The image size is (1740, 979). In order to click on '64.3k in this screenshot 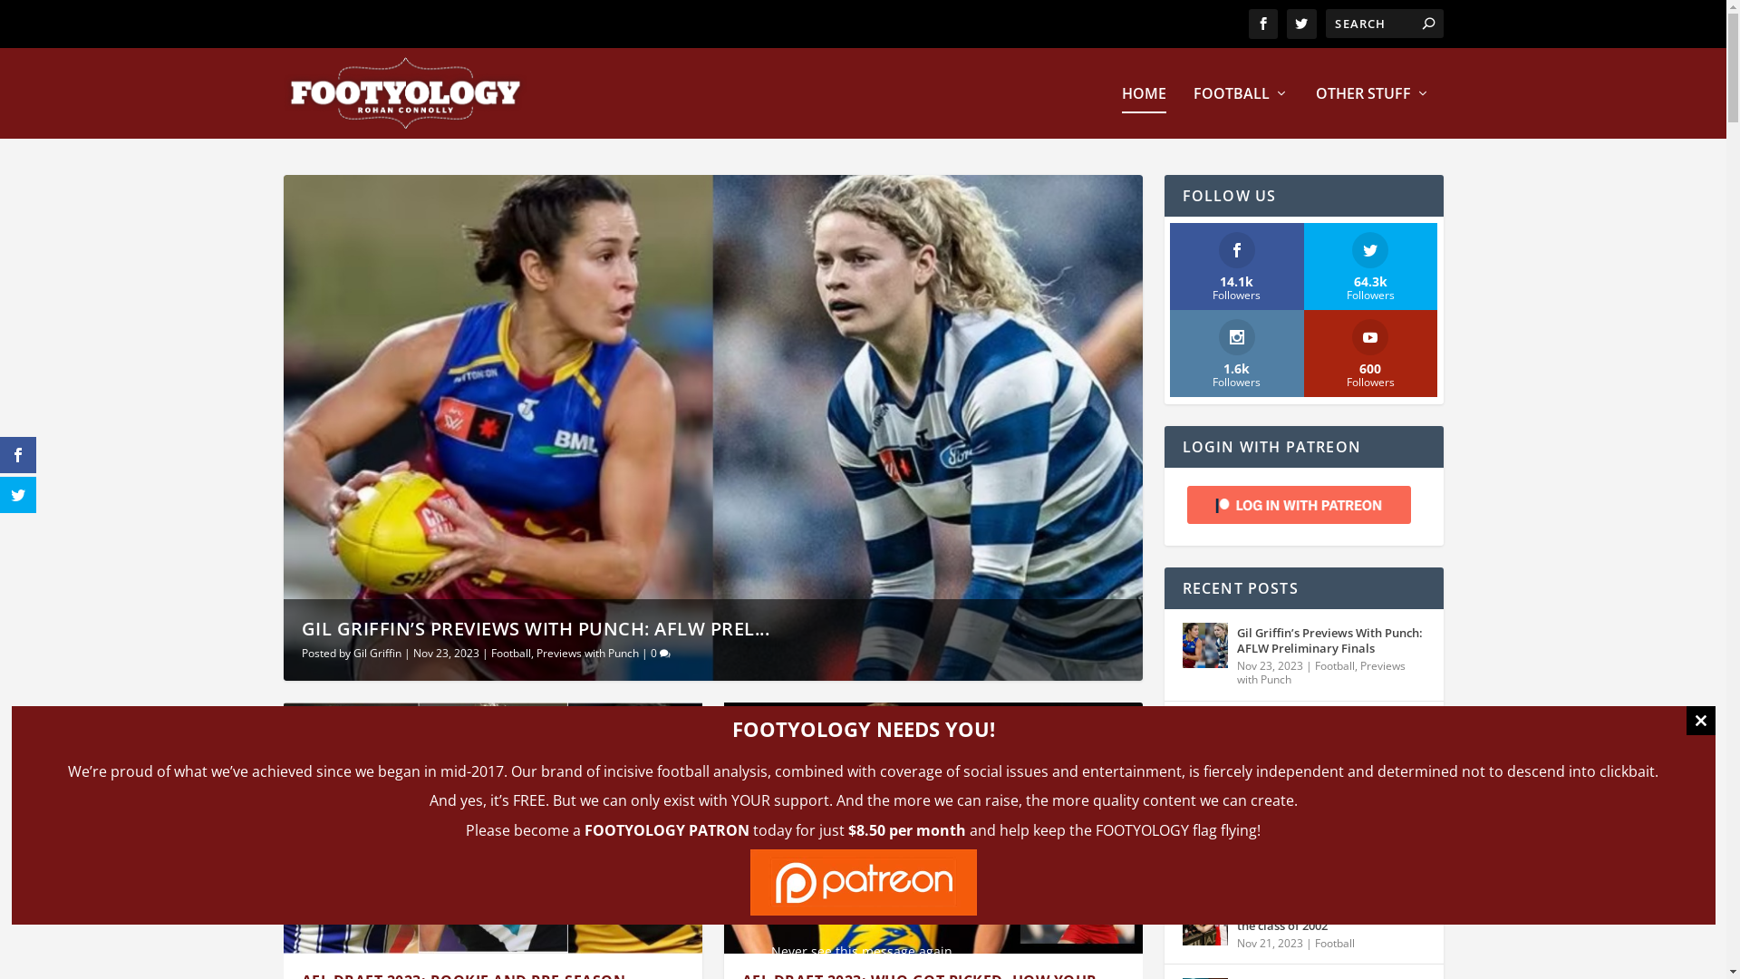, I will do `click(1370, 266)`.